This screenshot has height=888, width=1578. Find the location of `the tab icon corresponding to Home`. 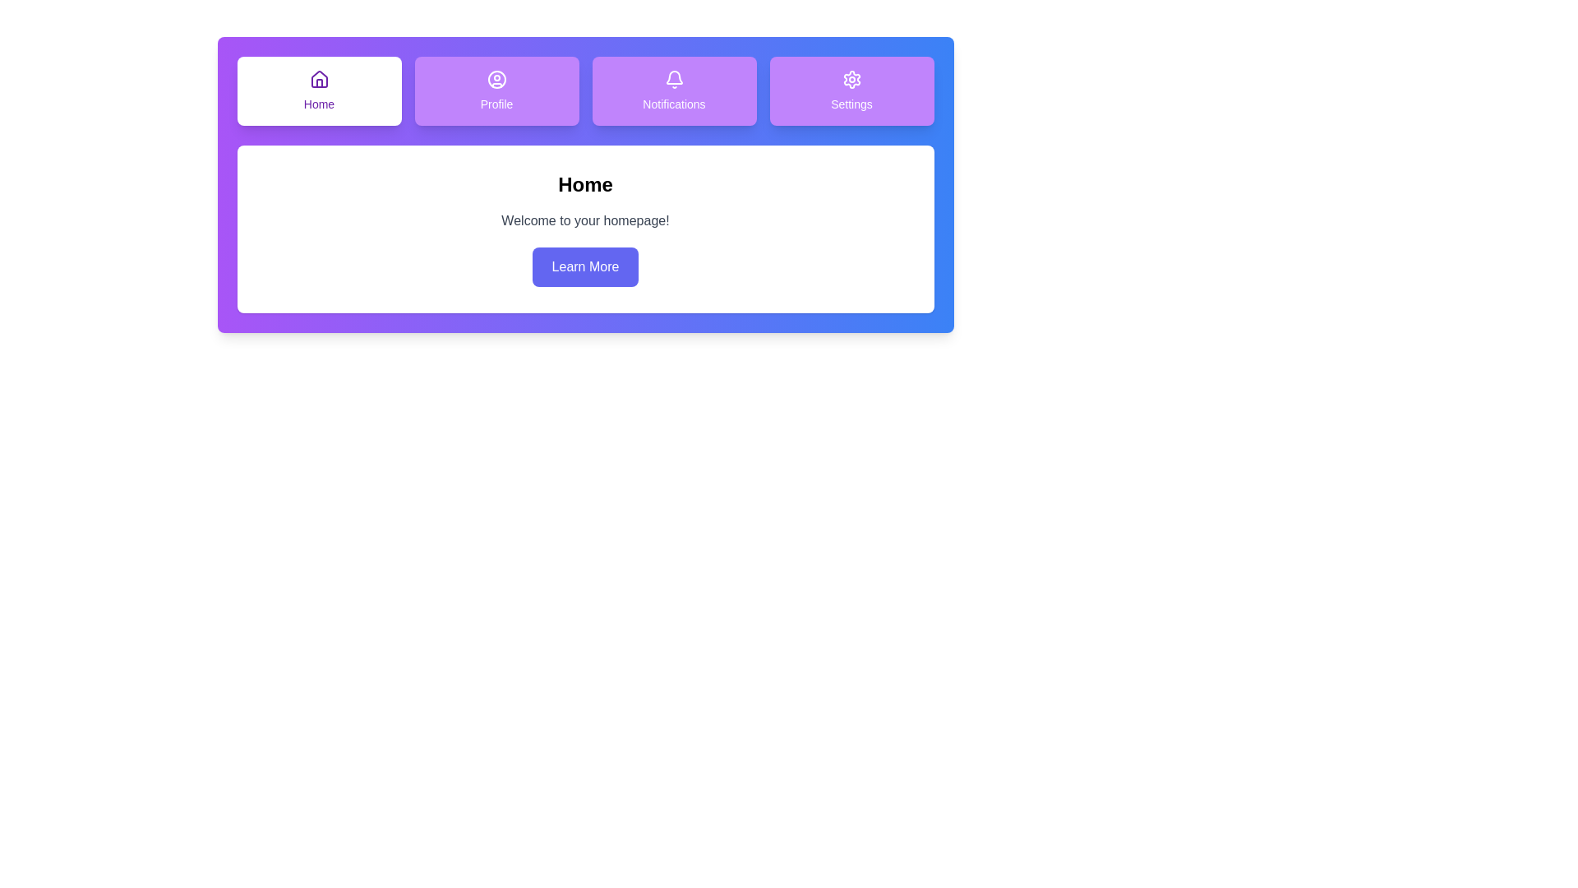

the tab icon corresponding to Home is located at coordinates (319, 91).